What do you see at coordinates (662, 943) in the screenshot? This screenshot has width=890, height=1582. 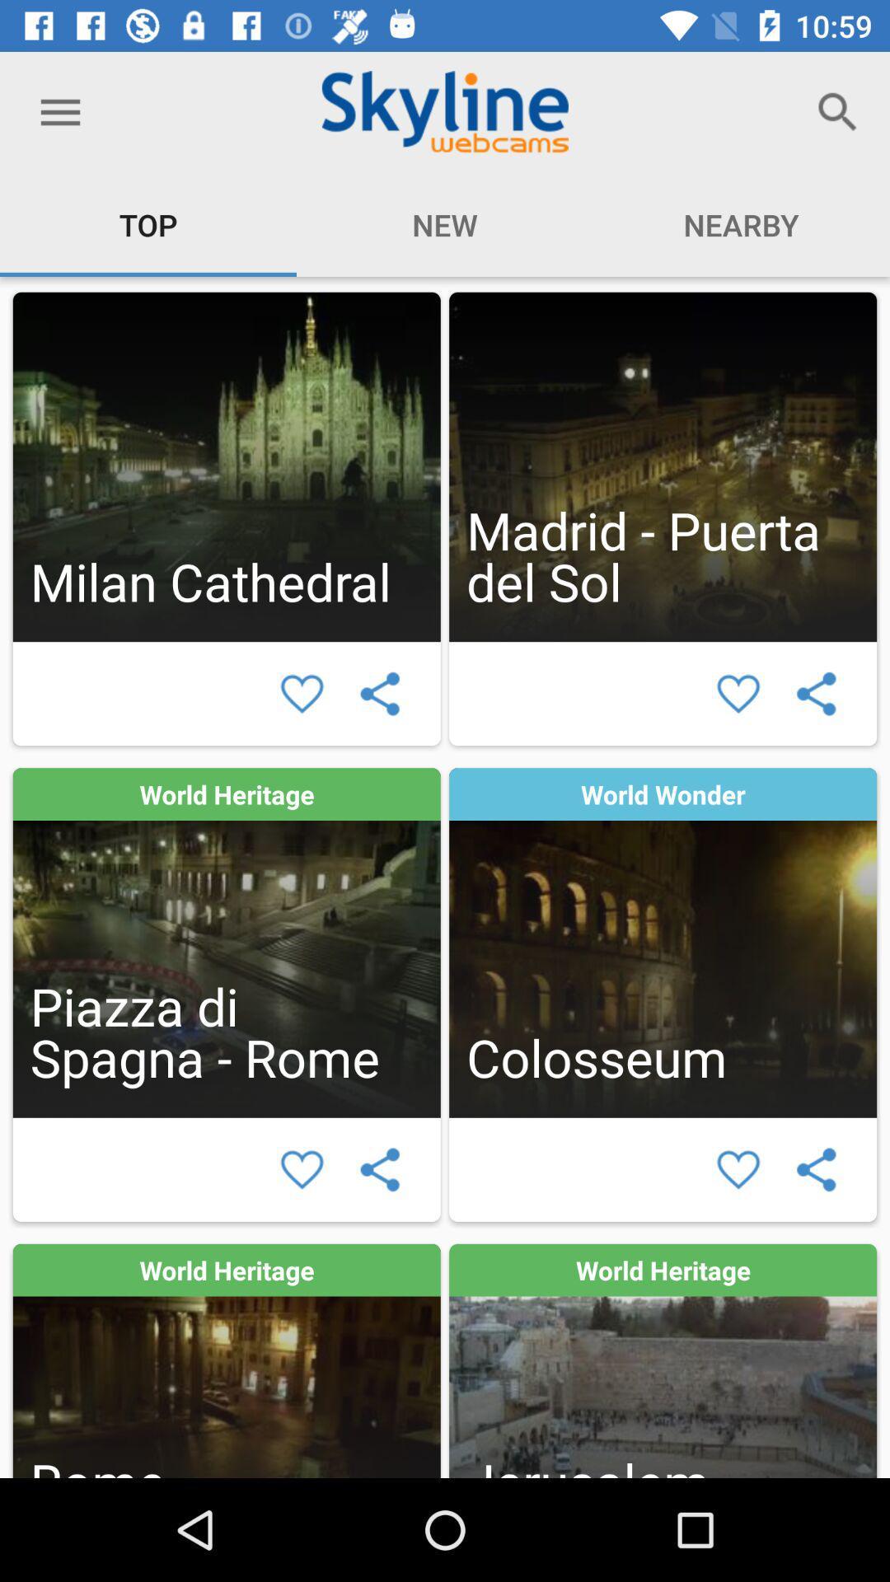 I see `webcam` at bounding box center [662, 943].